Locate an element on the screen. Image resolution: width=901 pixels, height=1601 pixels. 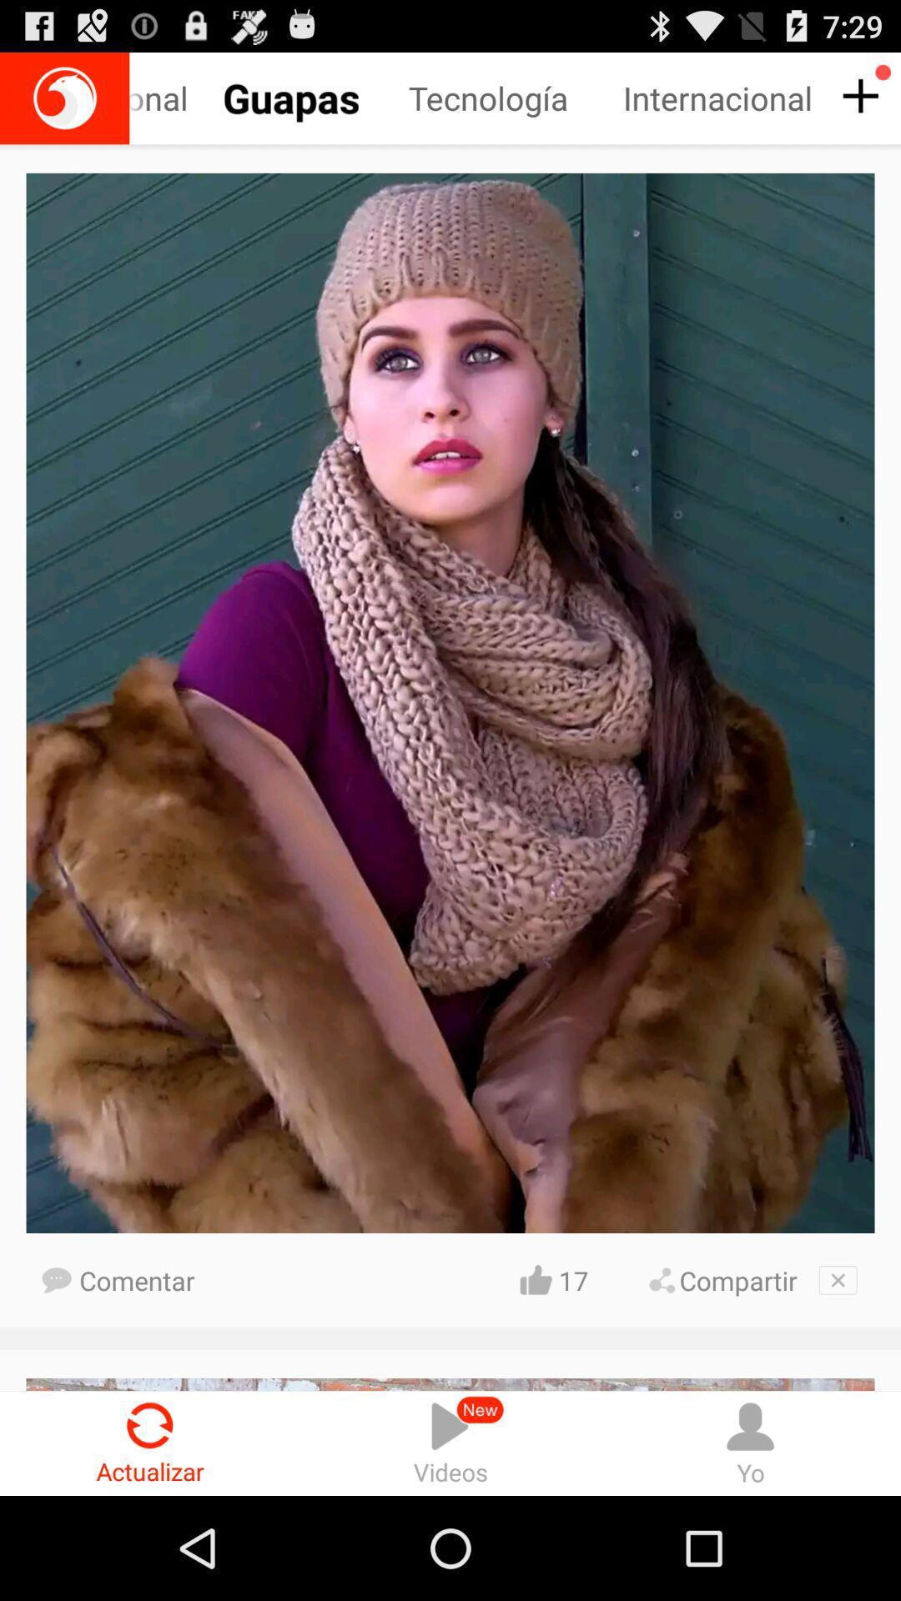
content is located at coordinates (858, 96).